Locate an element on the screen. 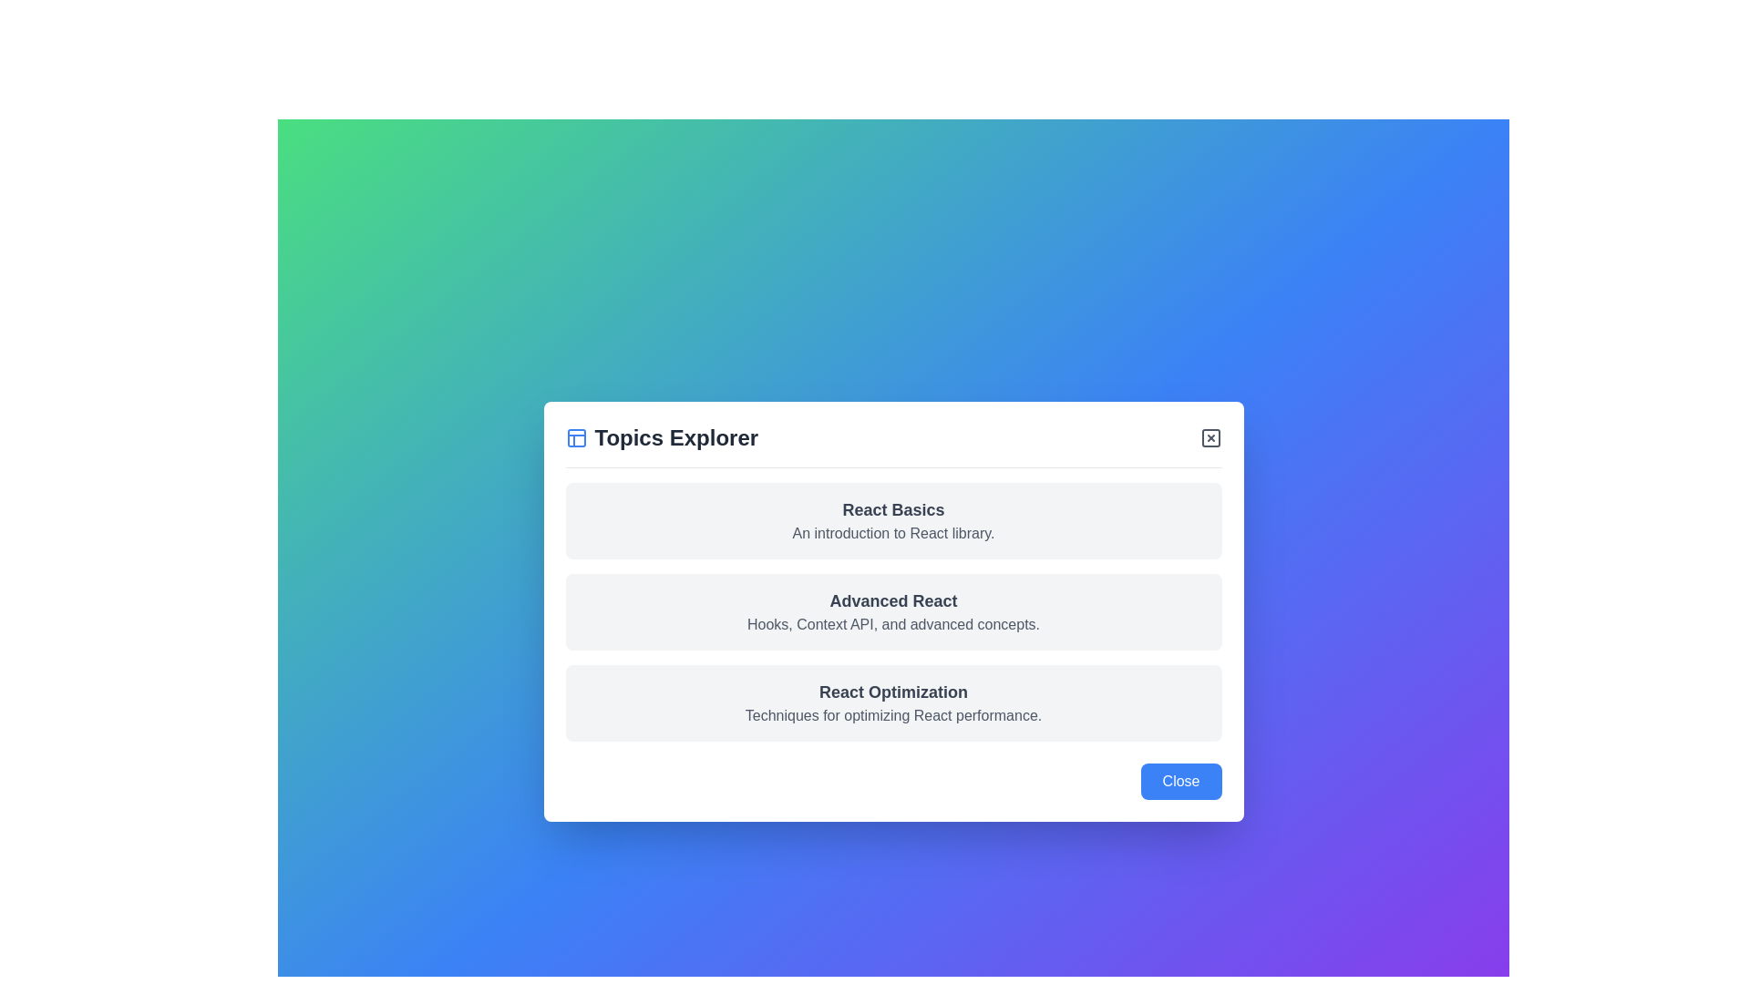 The image size is (1750, 984). the icon located at the top-left corner of the modal header next to the 'Topics Explorer' text is located at coordinates (575, 437).